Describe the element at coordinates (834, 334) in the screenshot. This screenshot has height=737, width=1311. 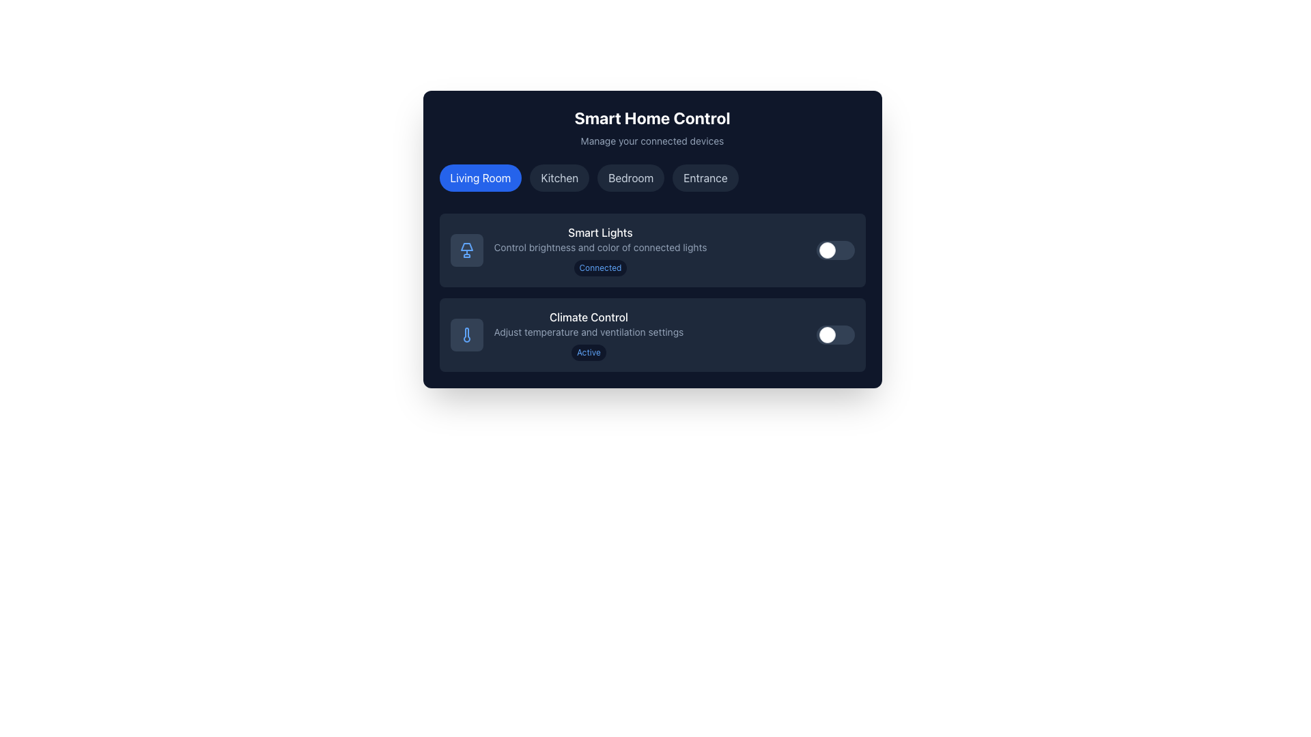
I see `the toggle switch for 'Climate Control' located at the right side of the section to change its state` at that location.